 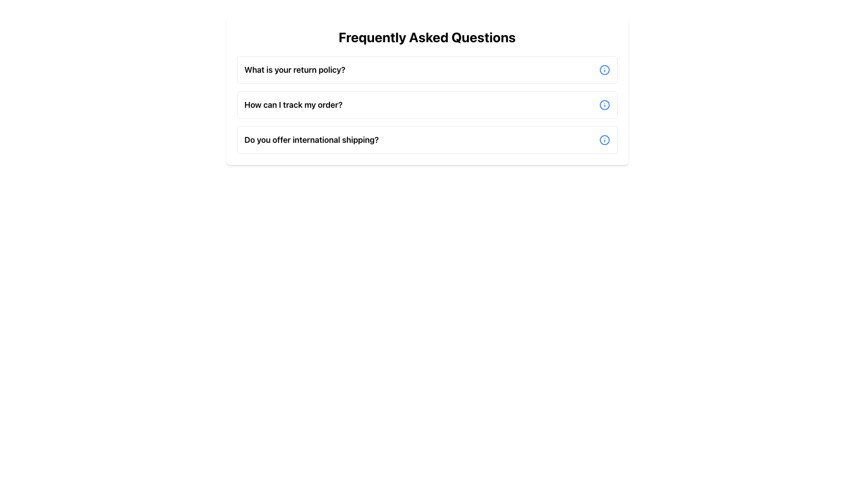 What do you see at coordinates (604, 140) in the screenshot?
I see `blue outlined SVG circle graphic that represents the outer rim of the circular part of the icon, positioned at the right end of the 'Do you offer international shipping?' field` at bounding box center [604, 140].